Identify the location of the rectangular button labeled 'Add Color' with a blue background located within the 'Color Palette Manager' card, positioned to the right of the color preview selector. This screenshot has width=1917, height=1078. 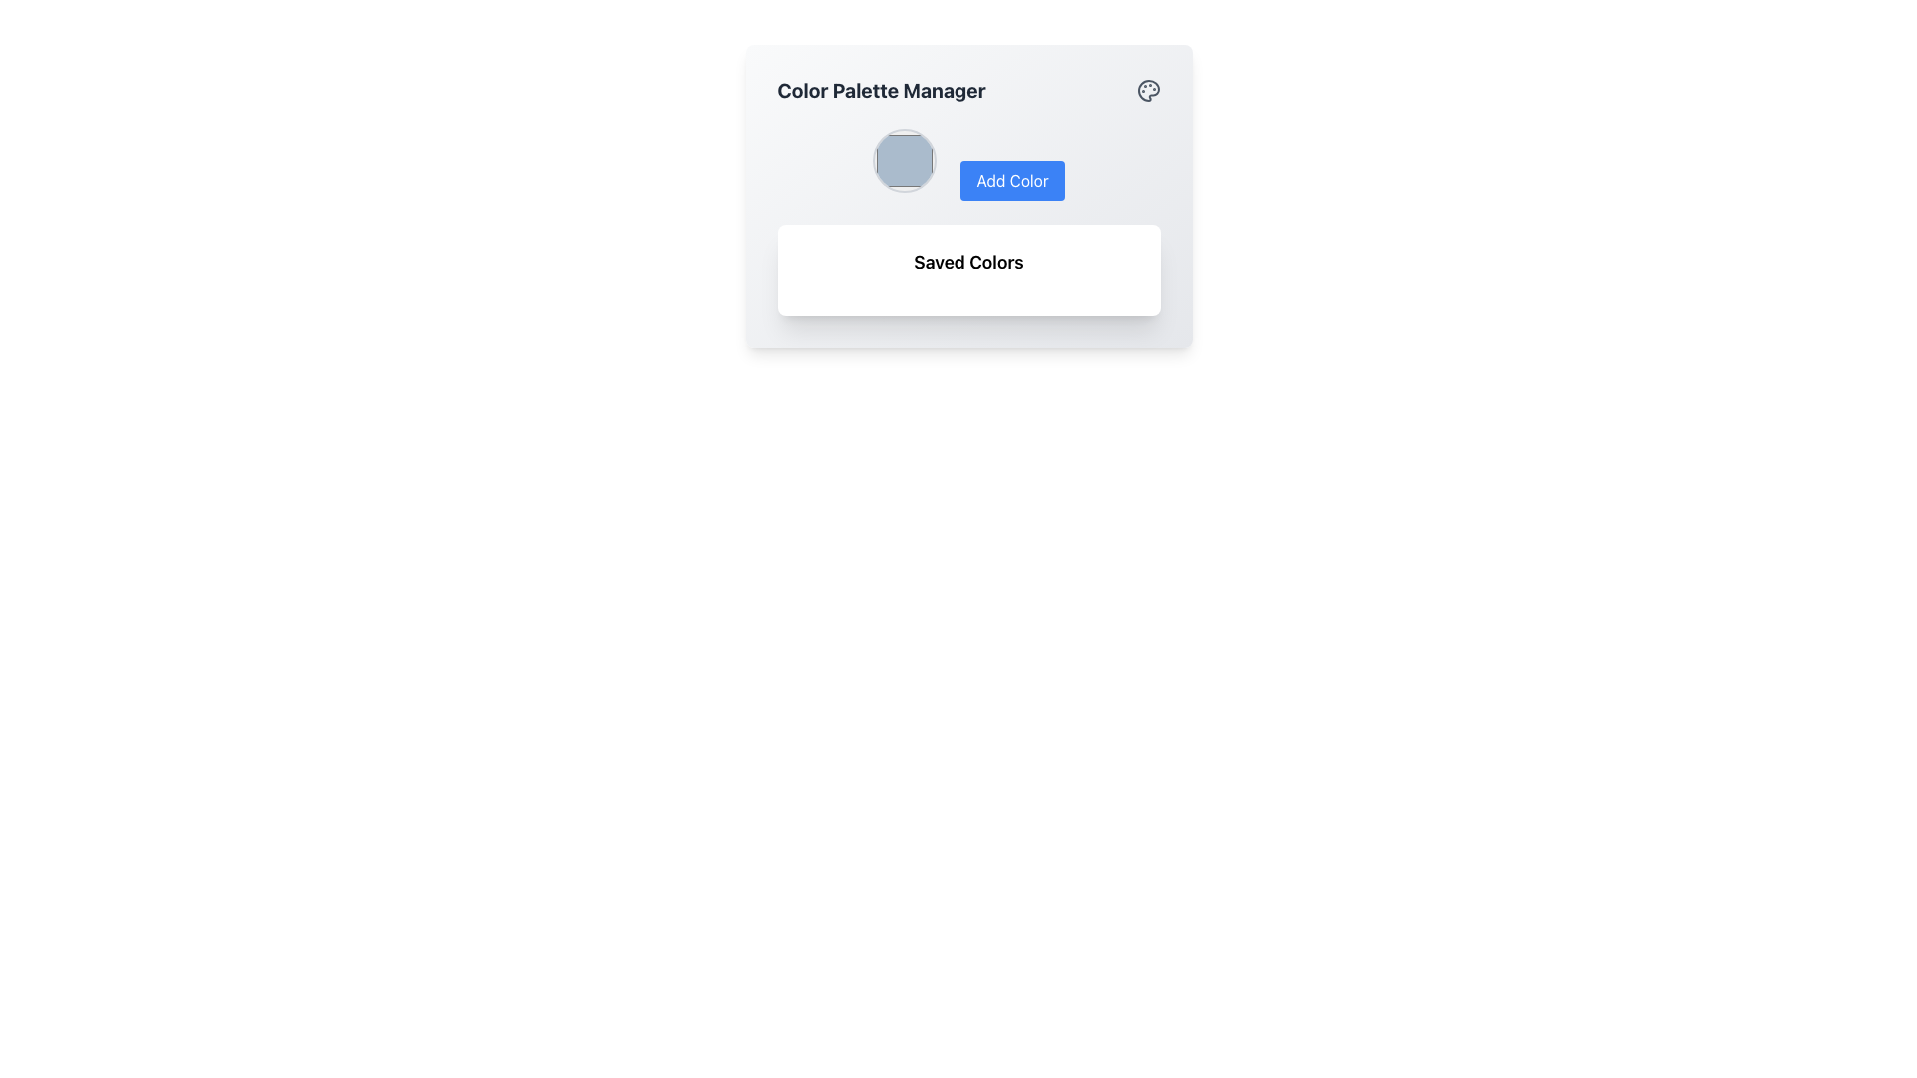
(1012, 181).